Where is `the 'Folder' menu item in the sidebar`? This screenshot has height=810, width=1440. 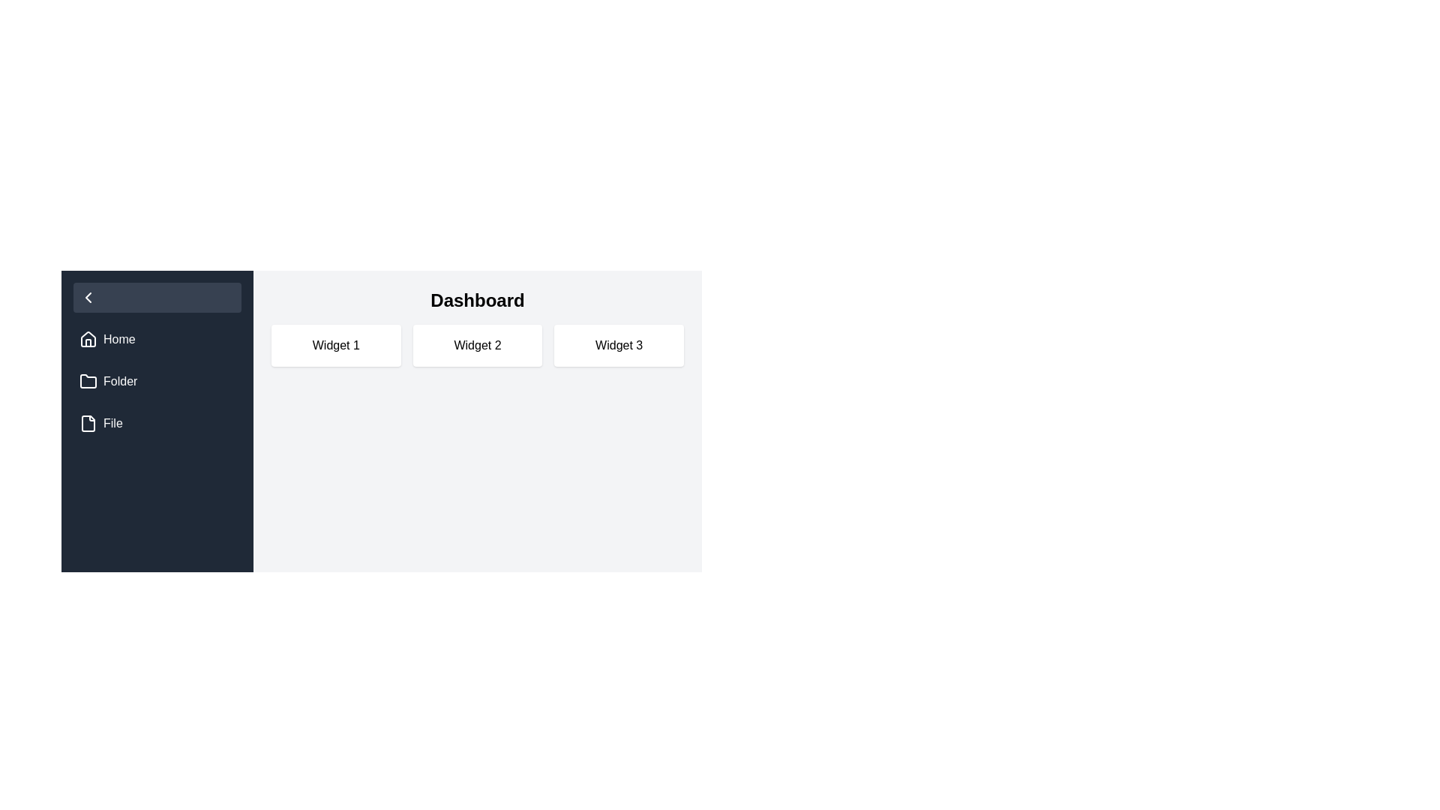 the 'Folder' menu item in the sidebar is located at coordinates (157, 381).